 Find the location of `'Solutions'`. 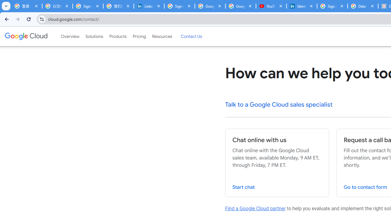

'Solutions' is located at coordinates (94, 36).